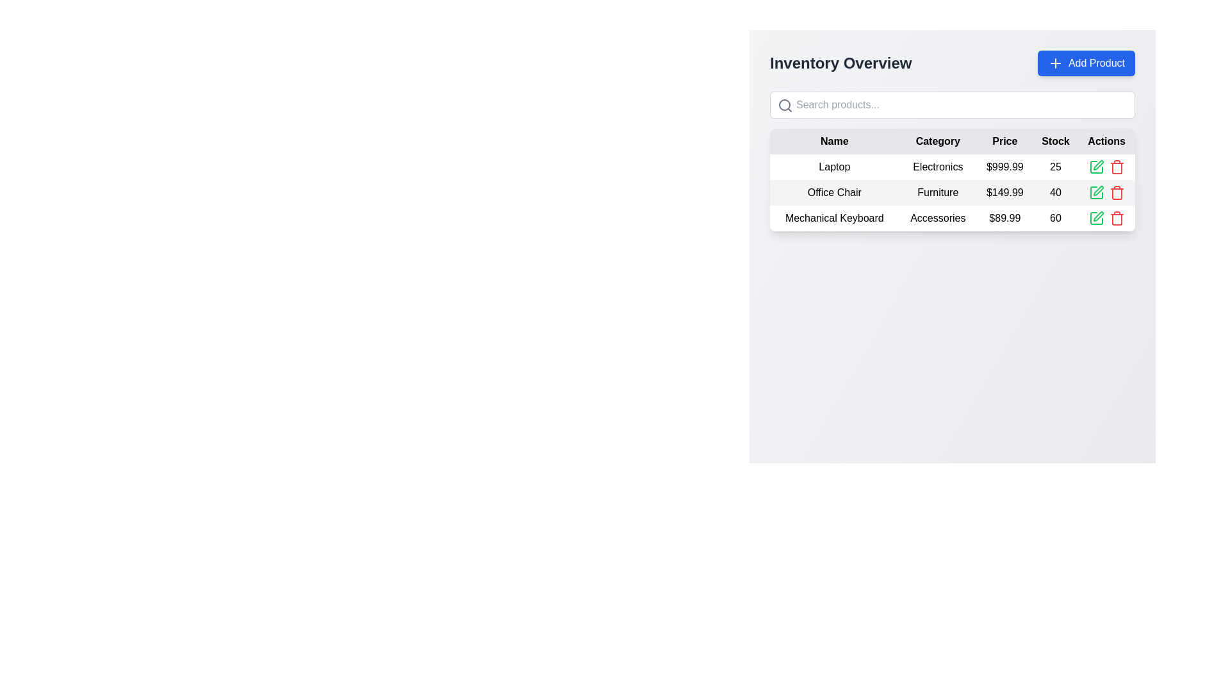  I want to click on the 'Actions' text label, which is the last header in the top-right section of the data table, styled with black text on a light gray background, so click(1106, 141).